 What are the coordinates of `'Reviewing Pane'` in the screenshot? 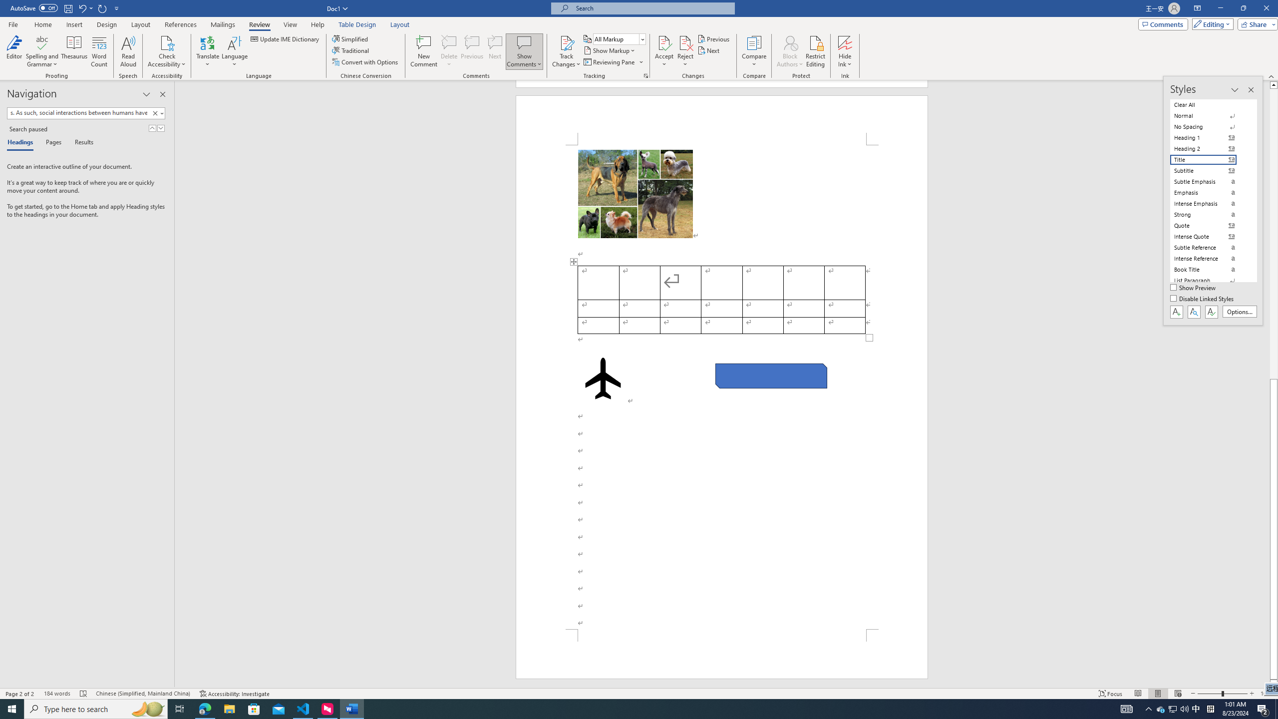 It's located at (613, 61).